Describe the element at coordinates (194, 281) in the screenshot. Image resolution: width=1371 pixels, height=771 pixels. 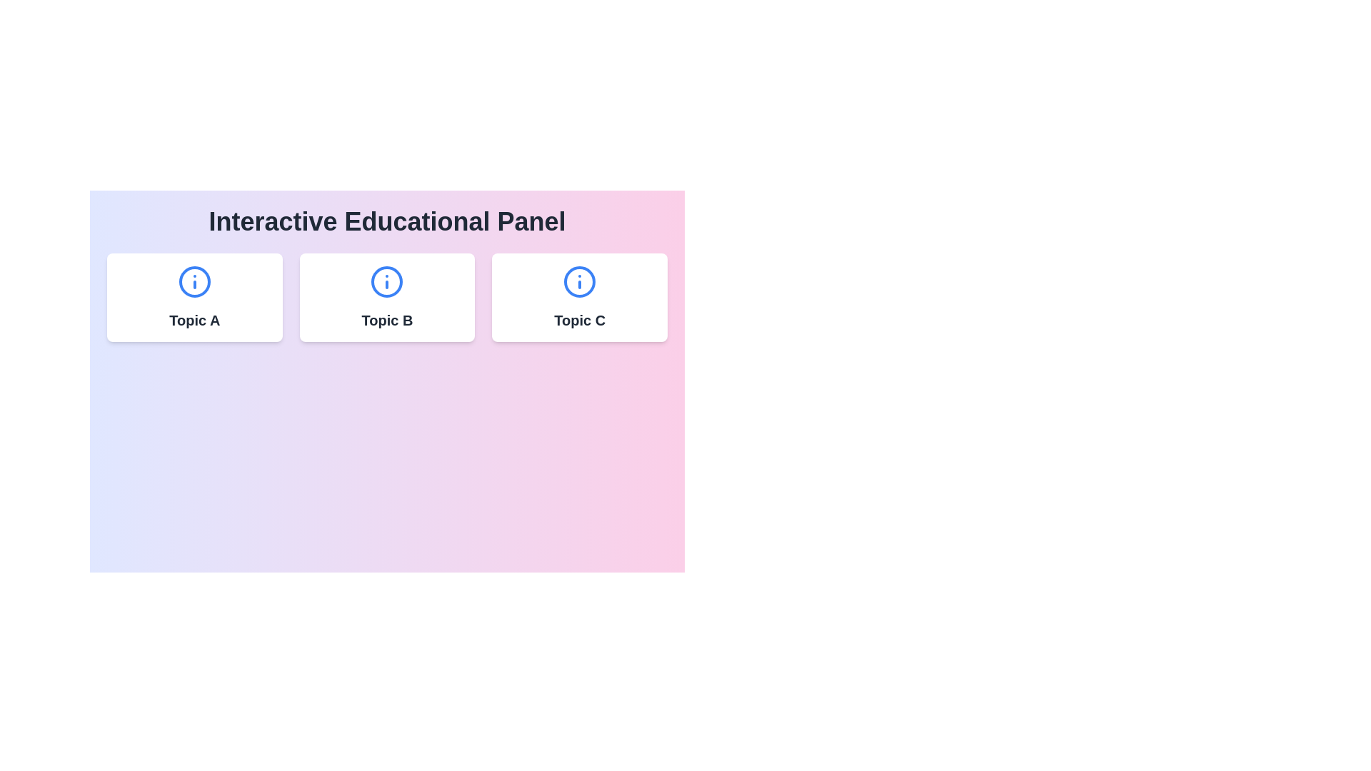
I see `the information icon located in the upper region of the leftmost card labeled 'Topic A' within the interactive educational panel` at that location.